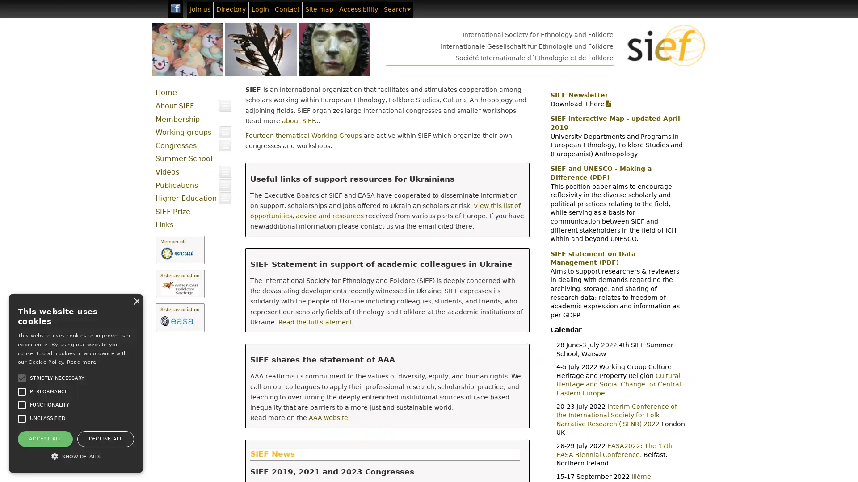  Describe the element at coordinates (44, 438) in the screenshot. I see `ACCEPT ALL` at that location.